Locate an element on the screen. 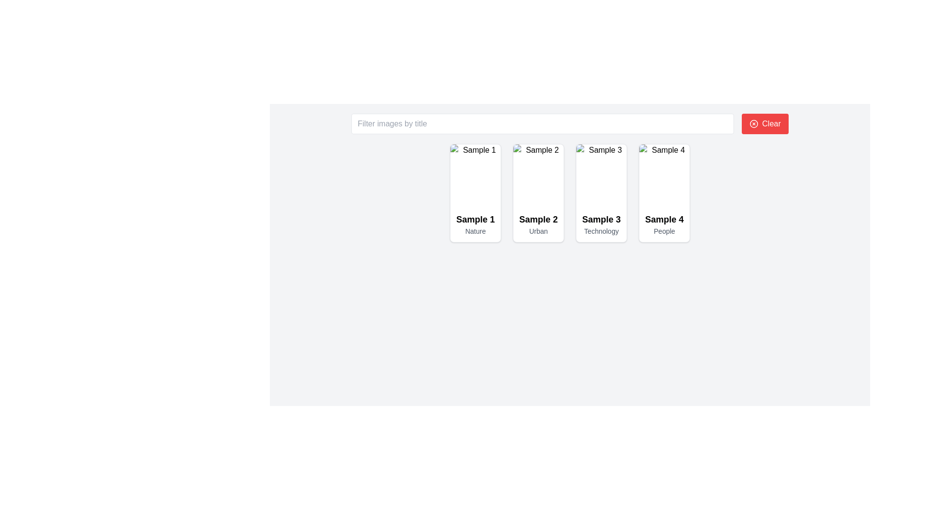 This screenshot has width=937, height=527. the text label displaying 'Nature' is located at coordinates (475, 231).